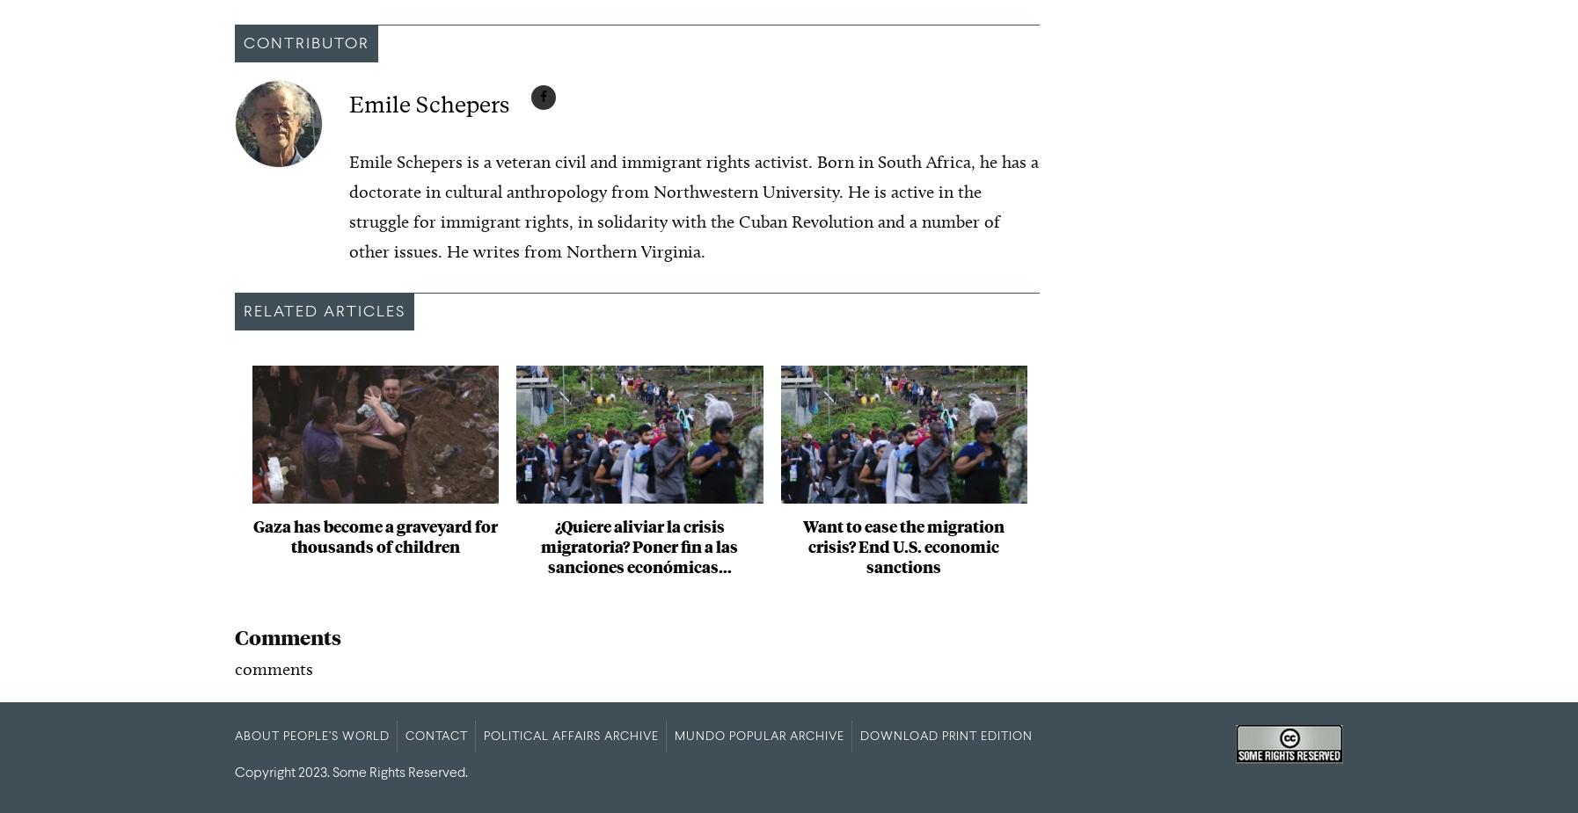 This screenshot has height=813, width=1578. Describe the element at coordinates (436, 736) in the screenshot. I see `'Contact'` at that location.